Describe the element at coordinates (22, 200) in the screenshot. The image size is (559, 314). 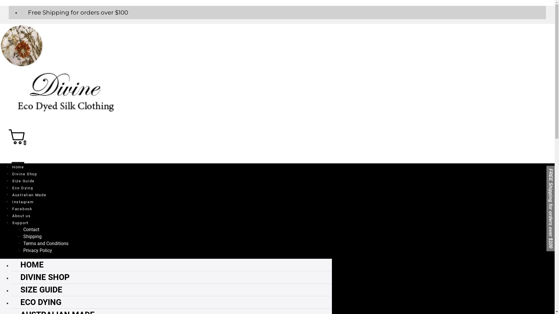
I see `'Instagram'` at that location.